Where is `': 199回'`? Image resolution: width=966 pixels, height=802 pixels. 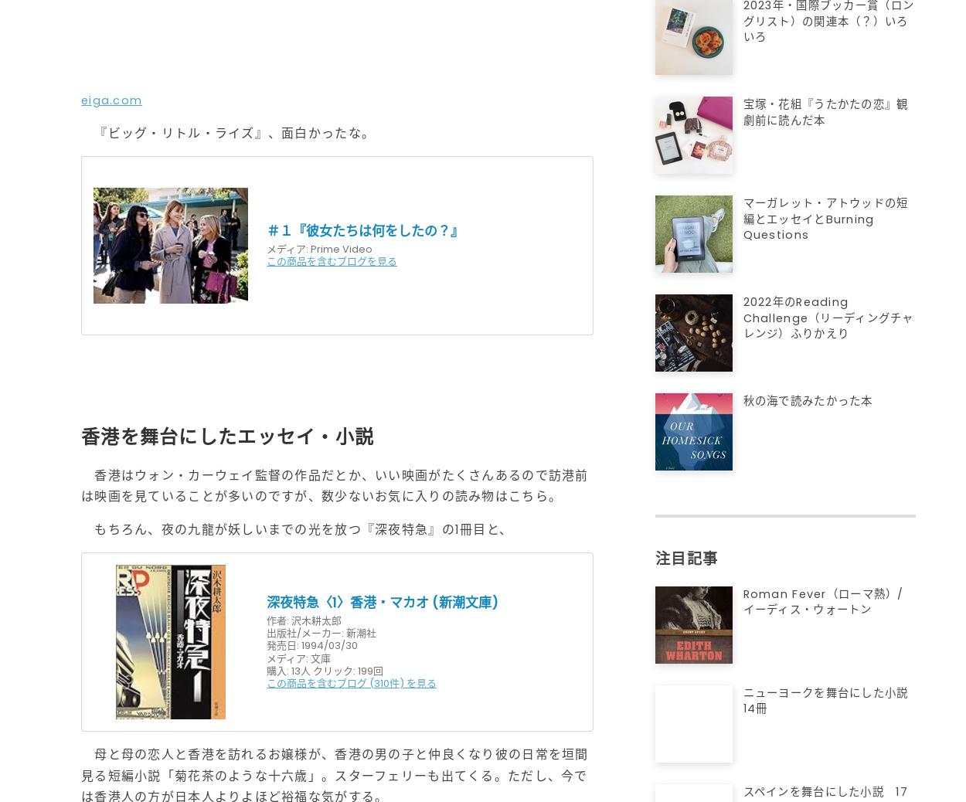 ': 199回' is located at coordinates (367, 670).